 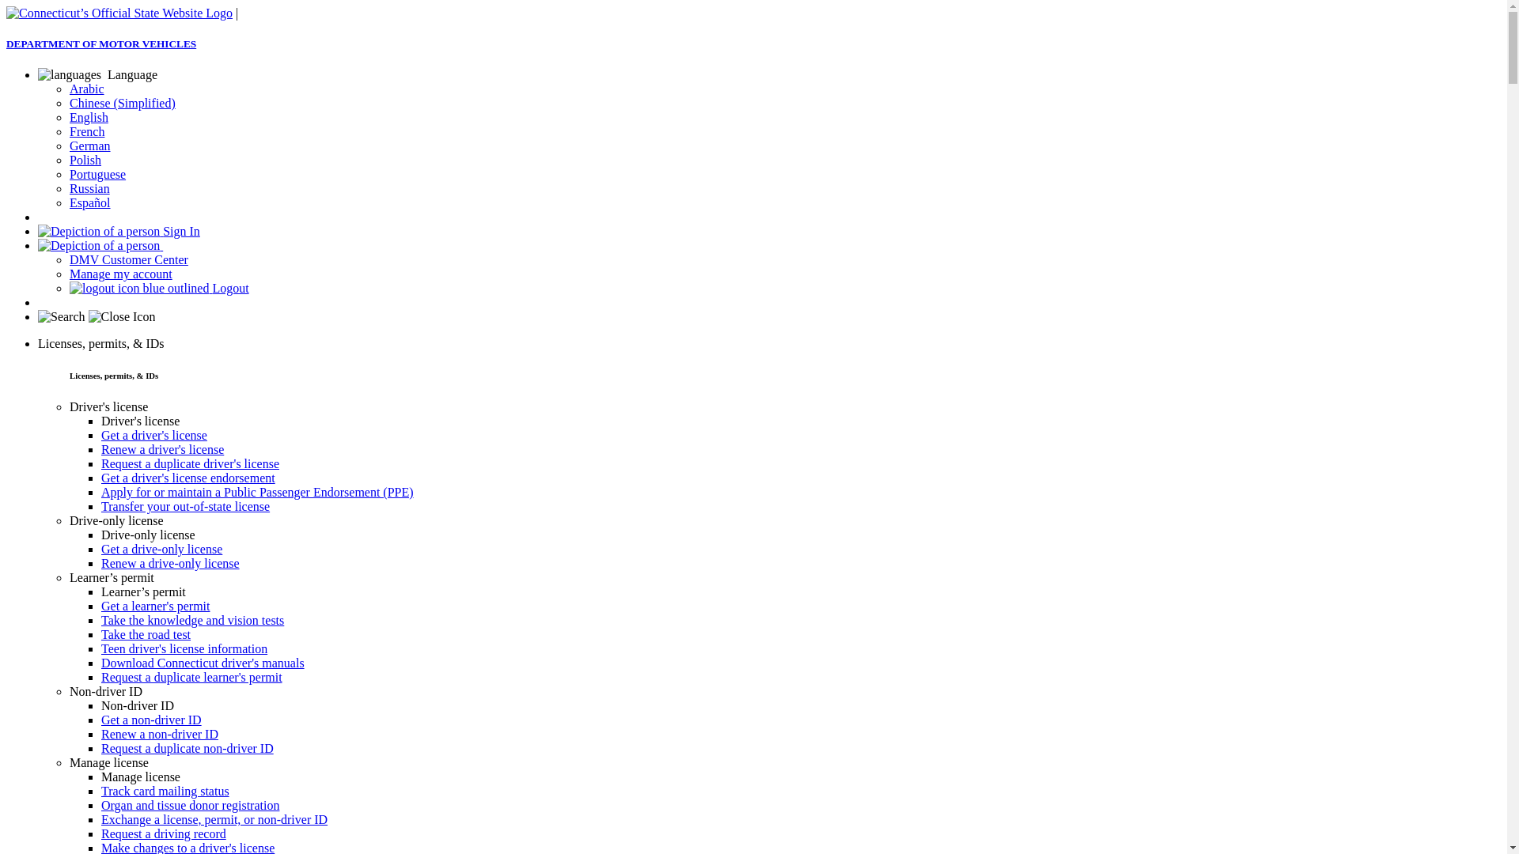 I want to click on 'Get a drive-only license', so click(x=161, y=548).